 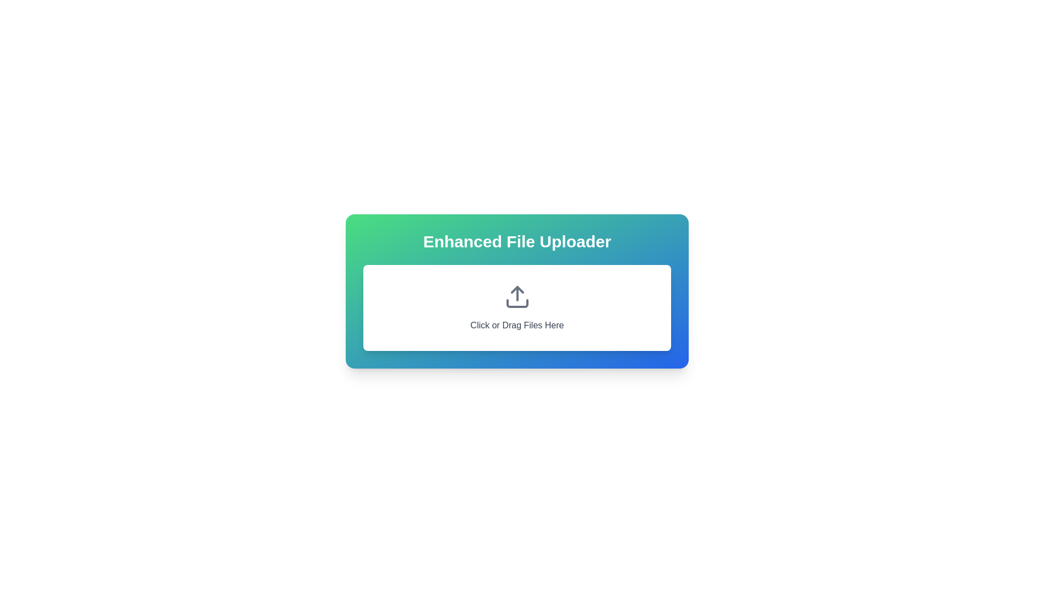 I want to click on the SVG icon representing an upload action, which features an upward-pointing arrow and is styled in gray, located within a light-colored, bordered area beneath the title 'Enhanced File Uploader', so click(x=516, y=296).